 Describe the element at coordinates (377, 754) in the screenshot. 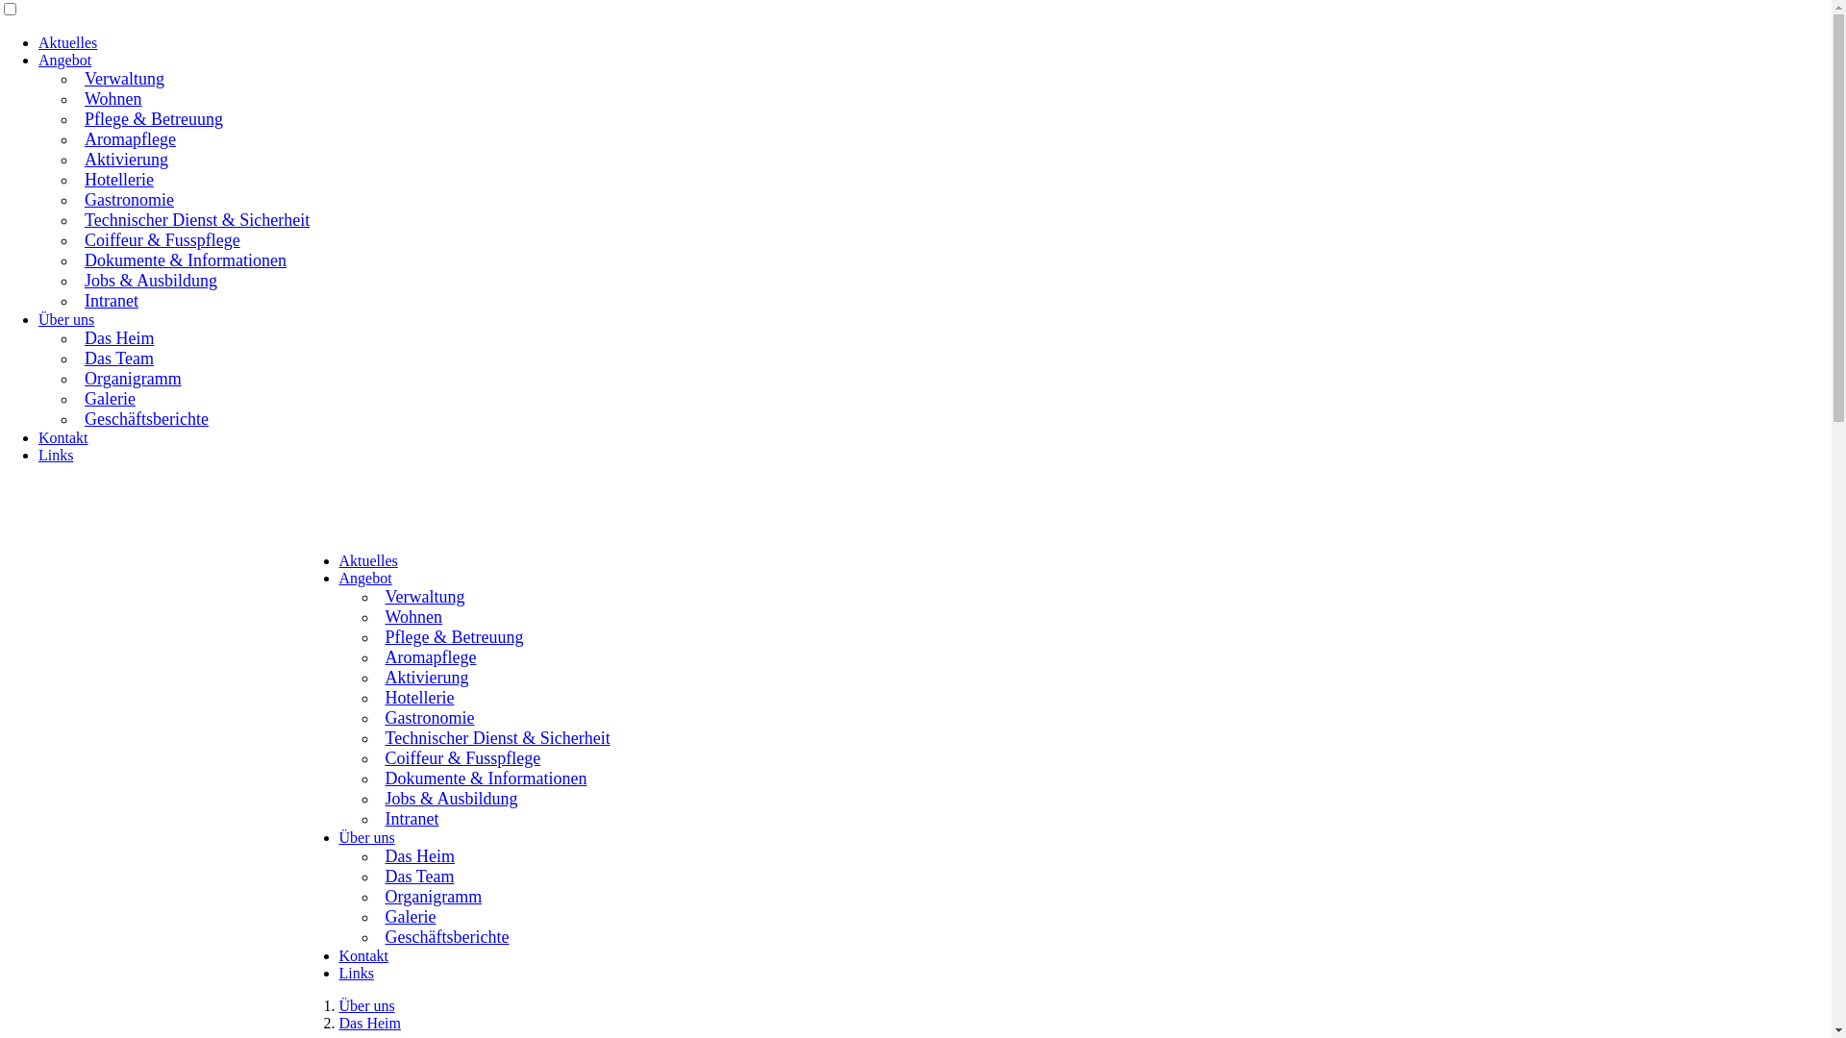

I see `'Coiffeur & Fusspflege'` at that location.